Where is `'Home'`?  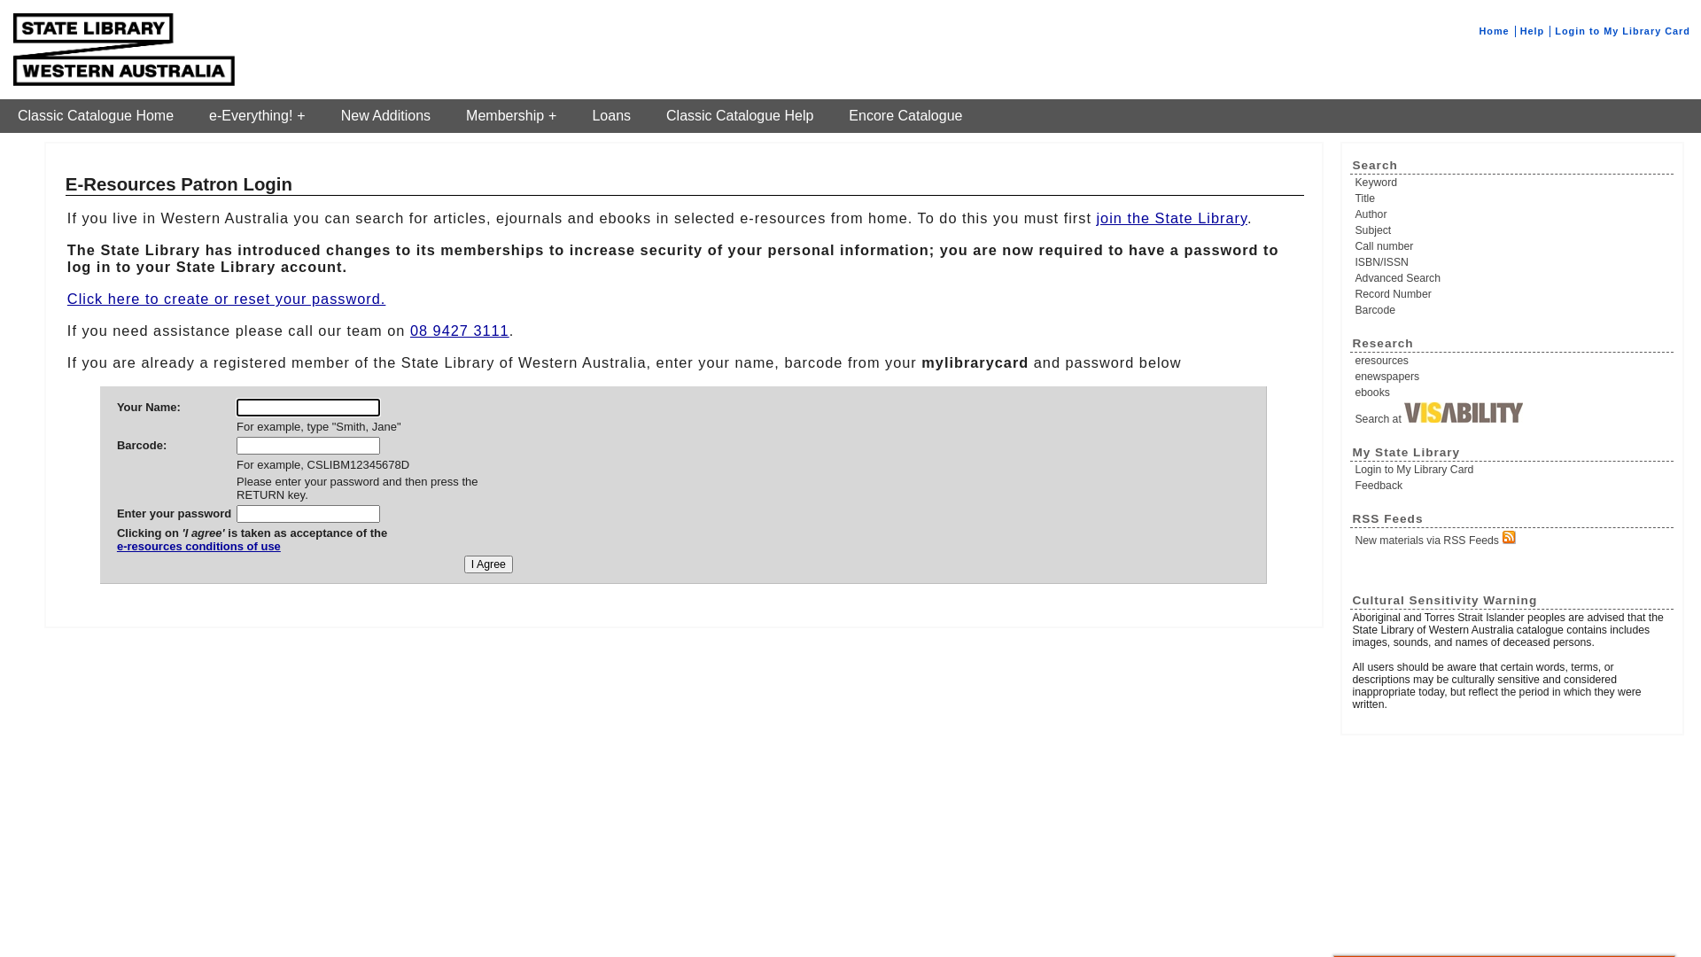
'Home' is located at coordinates (1479, 30).